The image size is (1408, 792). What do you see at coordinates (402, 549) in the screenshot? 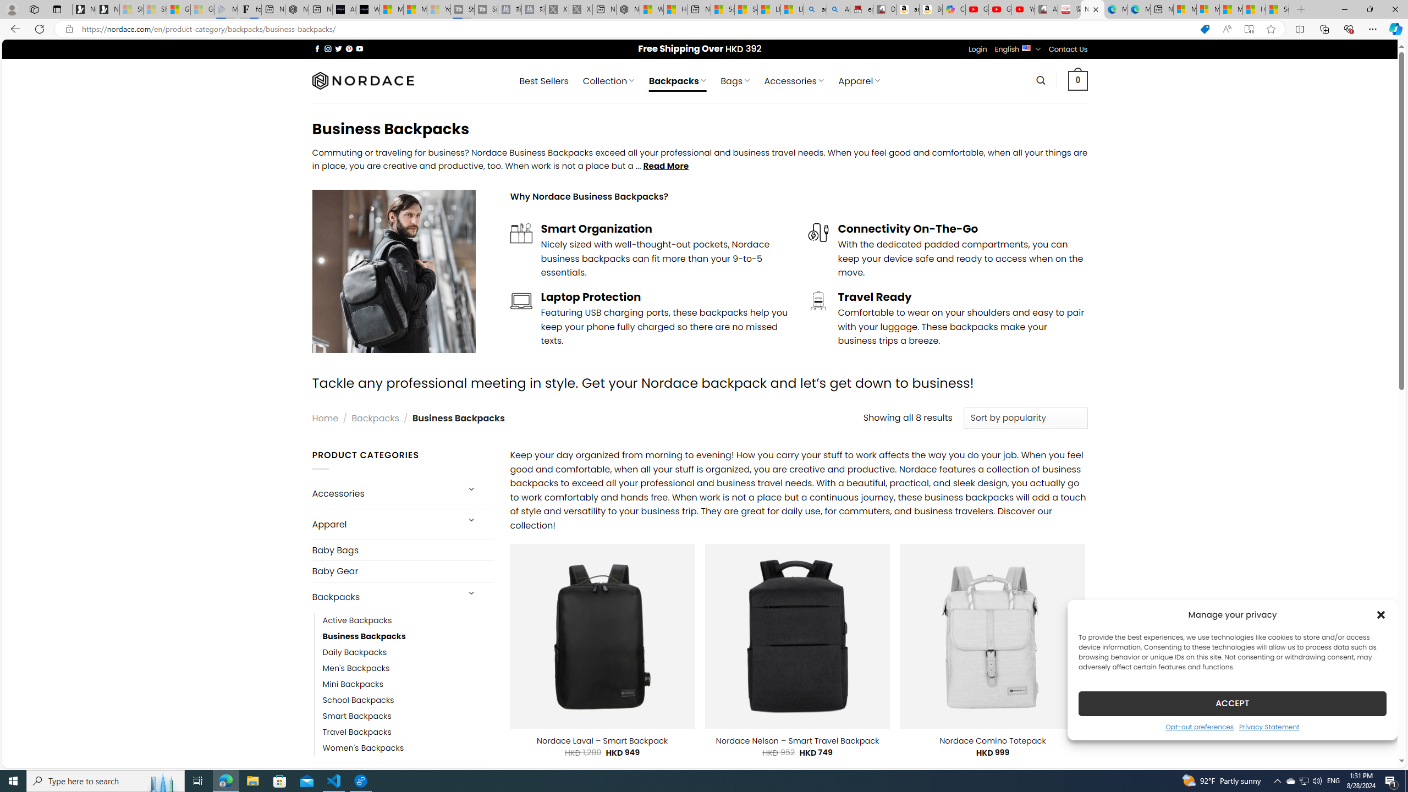
I see `'Baby Bags'` at bounding box center [402, 549].